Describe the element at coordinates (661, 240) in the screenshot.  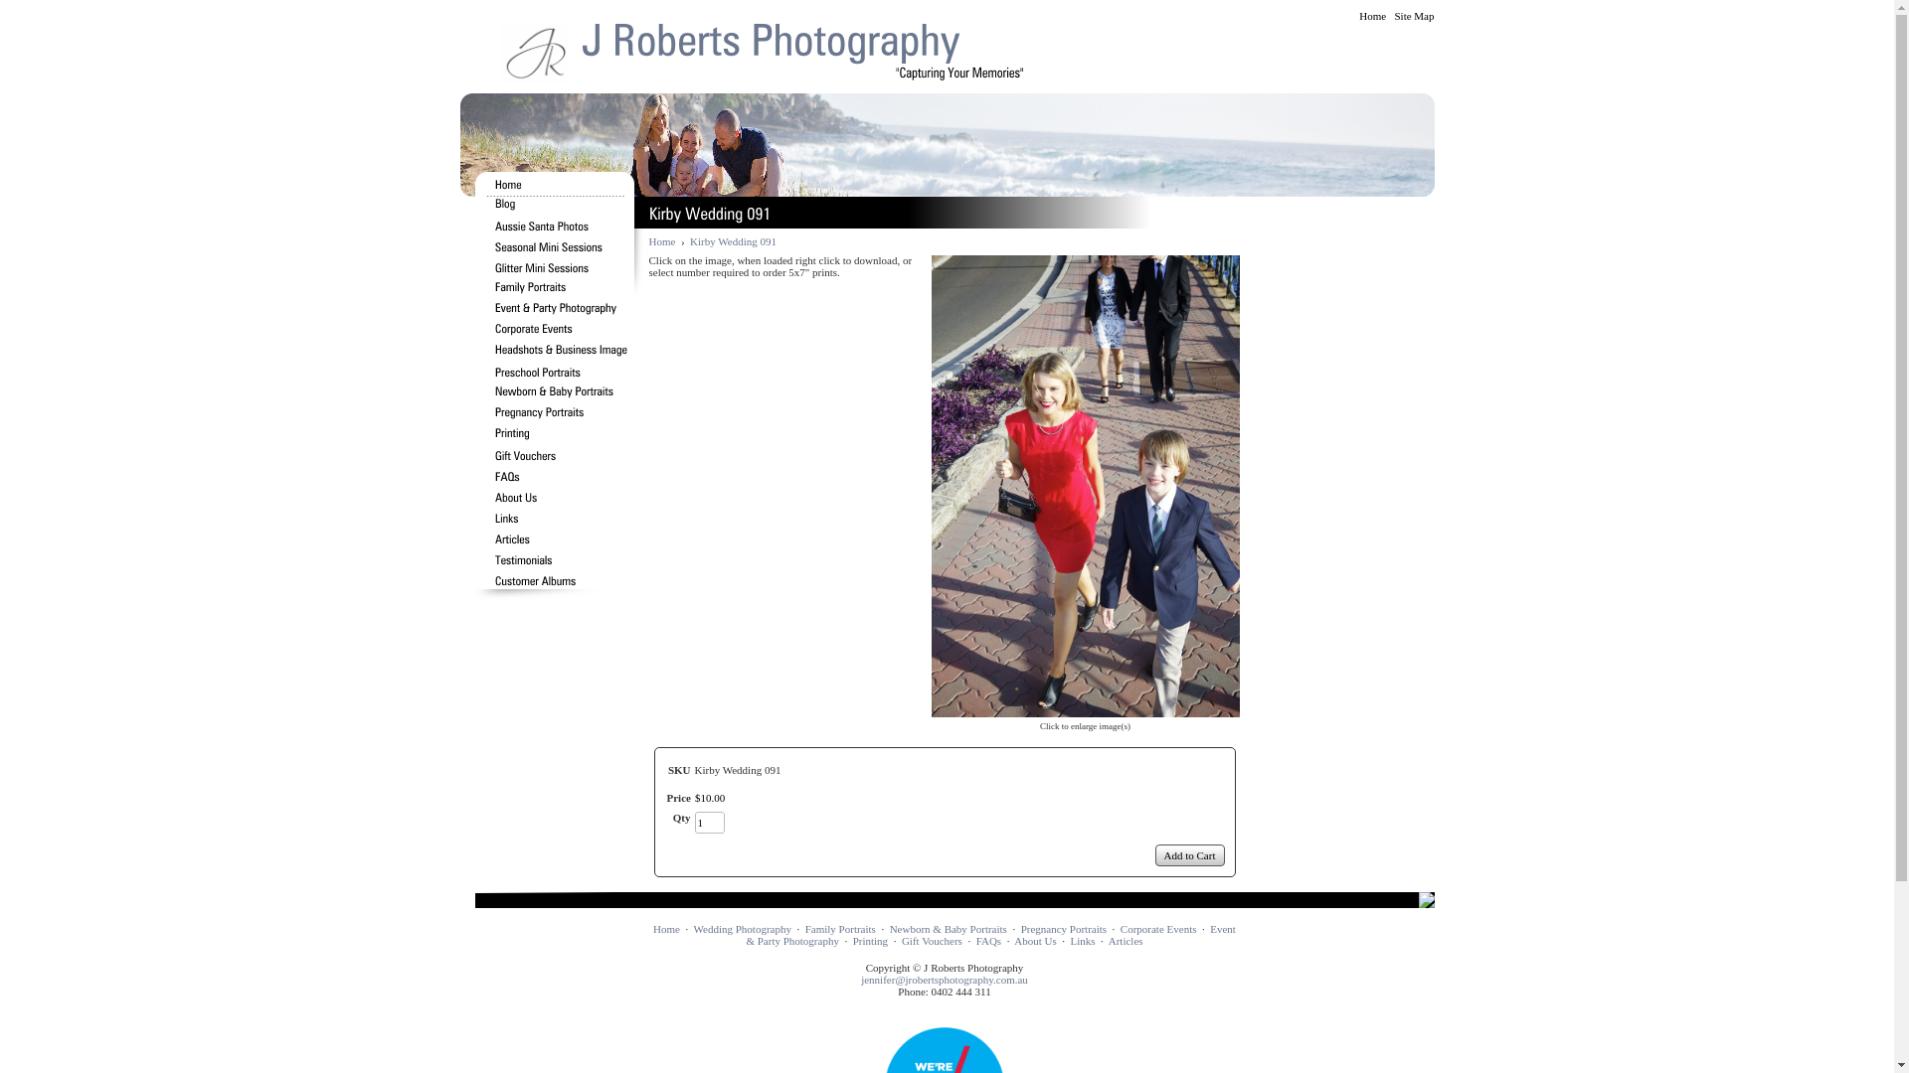
I see `'Home'` at that location.